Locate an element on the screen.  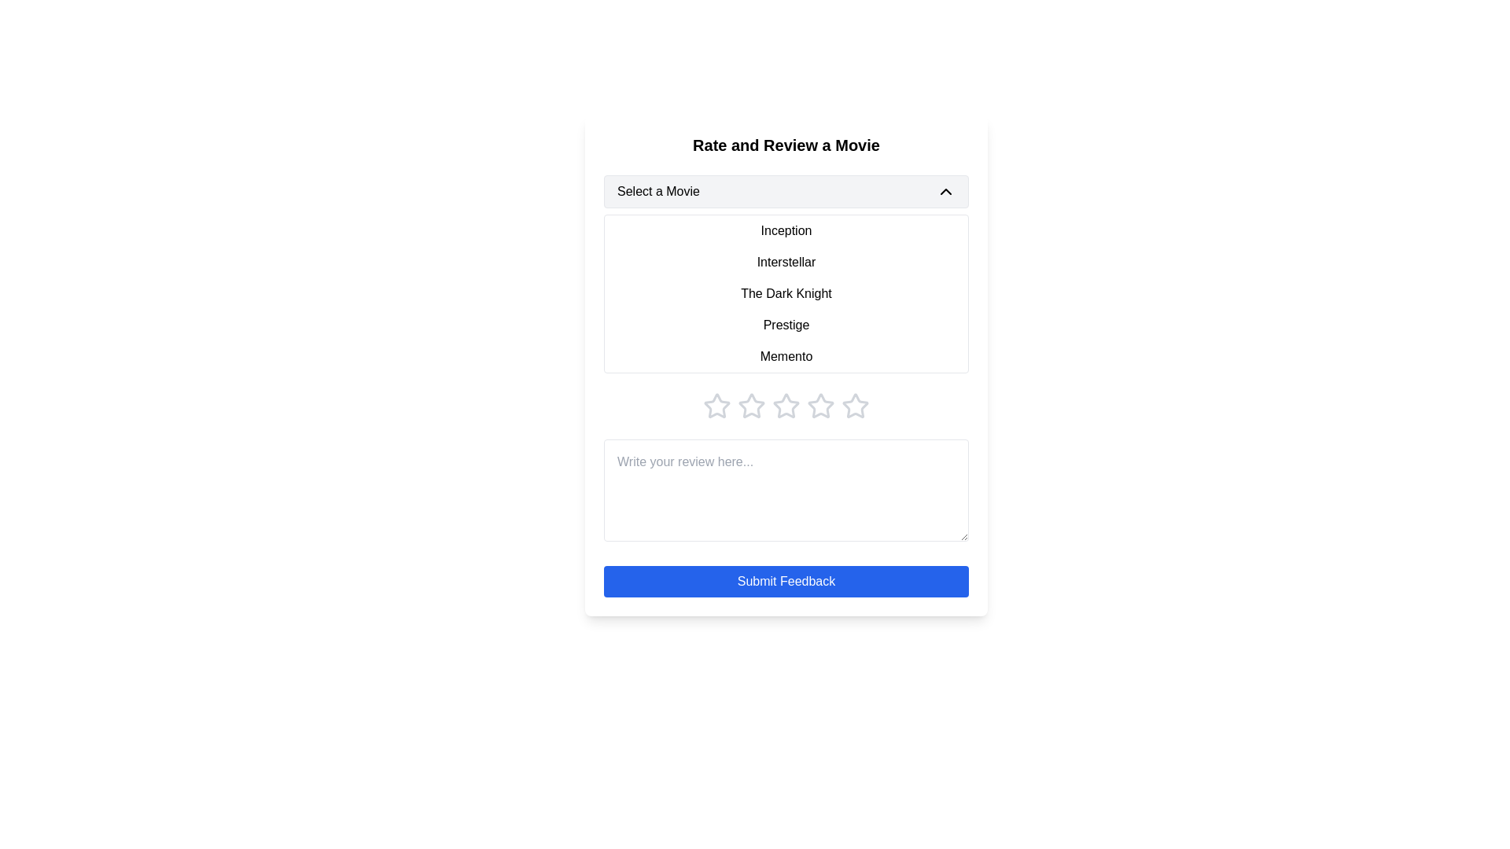
the 'Submit Feedback' button, which is a rectangular button with a bold blue background and white text, located at the bottom of the form interface is located at coordinates (786, 582).